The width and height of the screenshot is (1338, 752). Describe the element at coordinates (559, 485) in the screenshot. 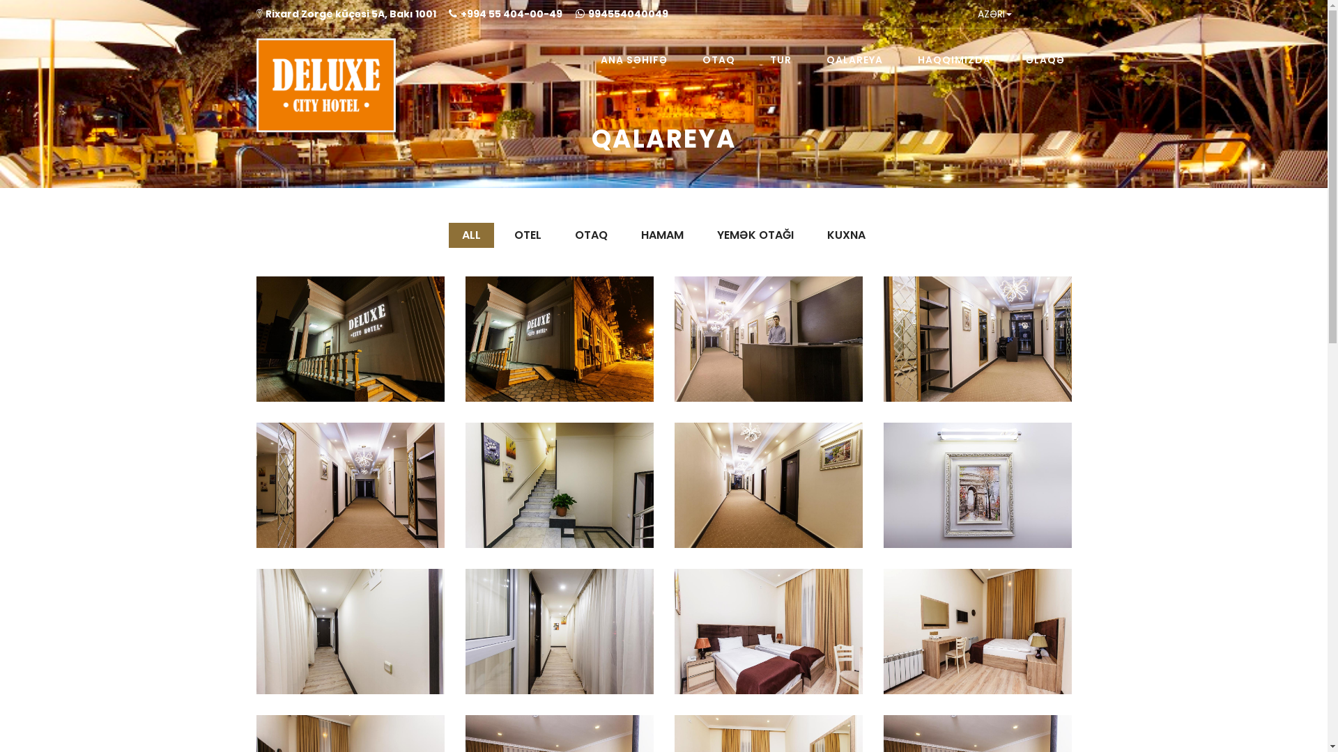

I see `'Otel'` at that location.